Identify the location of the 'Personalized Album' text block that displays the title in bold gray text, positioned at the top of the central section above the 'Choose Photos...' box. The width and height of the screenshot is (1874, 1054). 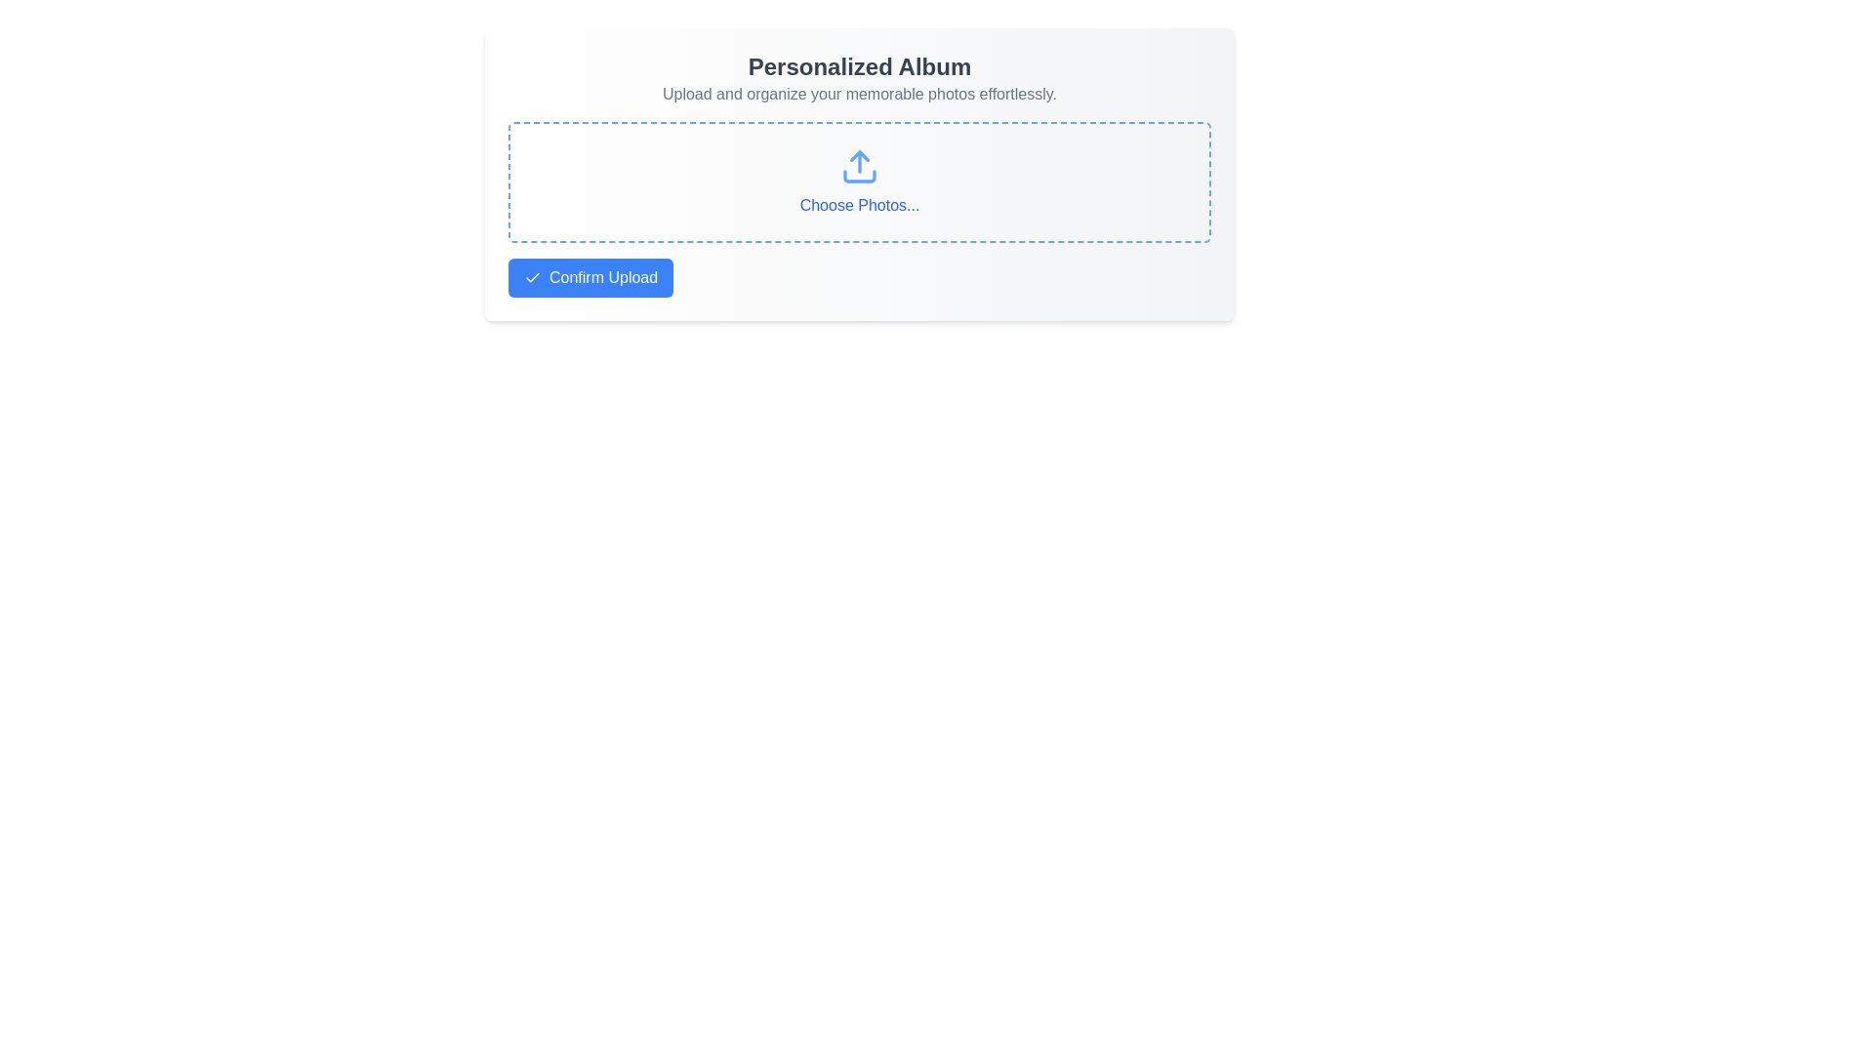
(859, 78).